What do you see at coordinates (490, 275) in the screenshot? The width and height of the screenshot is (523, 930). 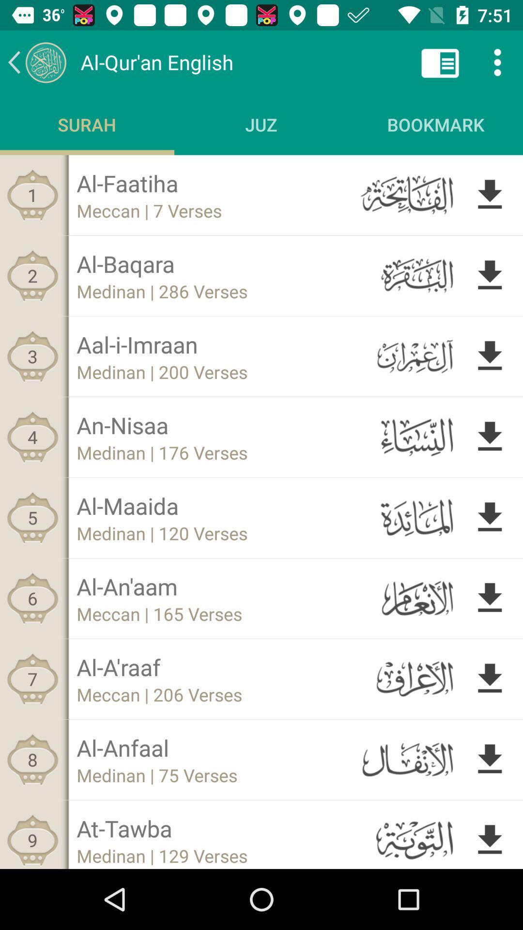 I see `download` at bounding box center [490, 275].